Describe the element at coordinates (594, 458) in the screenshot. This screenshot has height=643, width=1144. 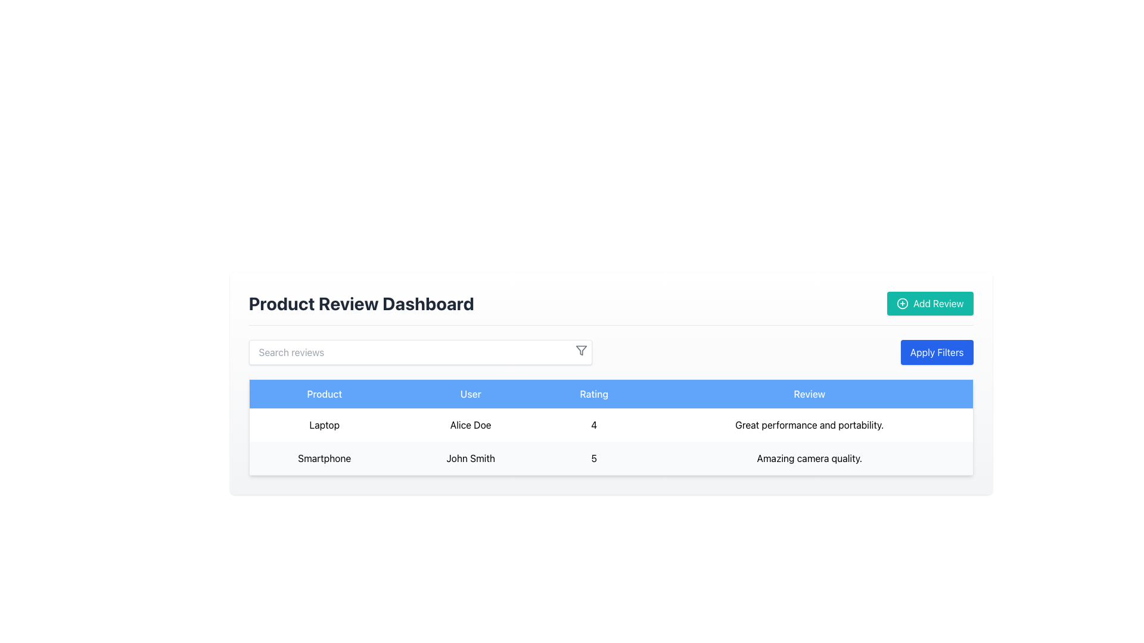
I see `the static text element displaying the numeric value '5' in the 'Rating' column for the user 'John Smith' and the product 'Smartphone'` at that location.